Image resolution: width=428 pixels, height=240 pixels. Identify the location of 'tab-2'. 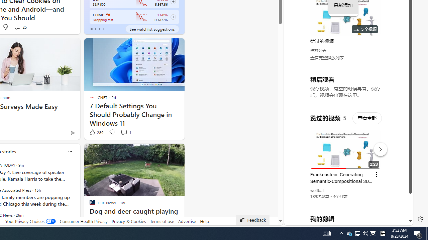
(99, 29).